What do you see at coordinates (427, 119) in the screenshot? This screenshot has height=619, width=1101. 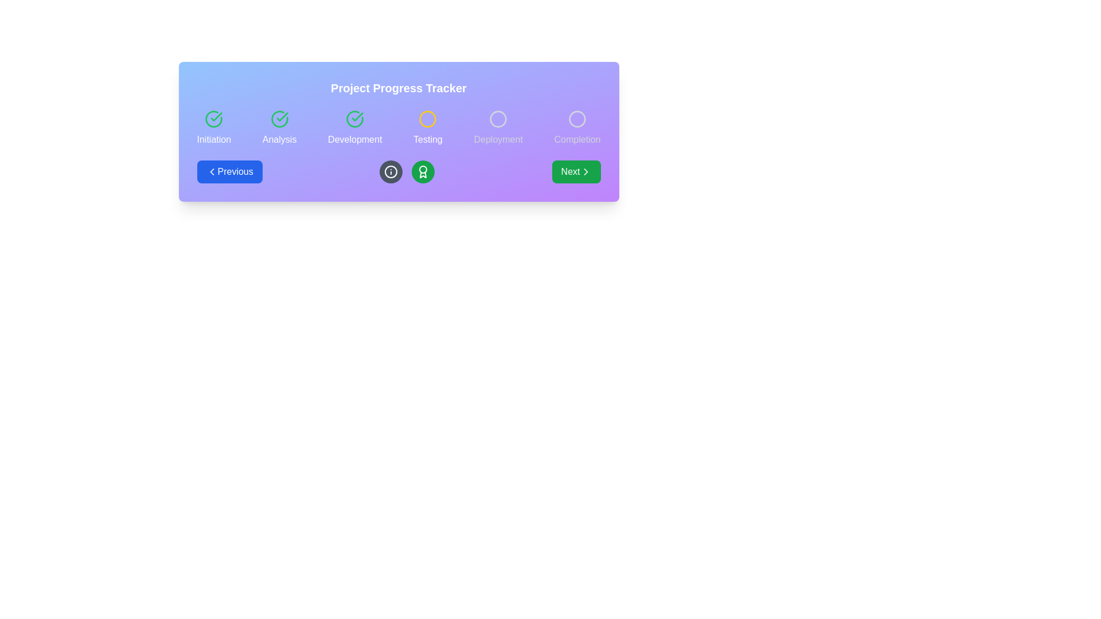 I see `the decorative circular indicator that represents the status of the 'Testing' phase in the project tracker` at bounding box center [427, 119].